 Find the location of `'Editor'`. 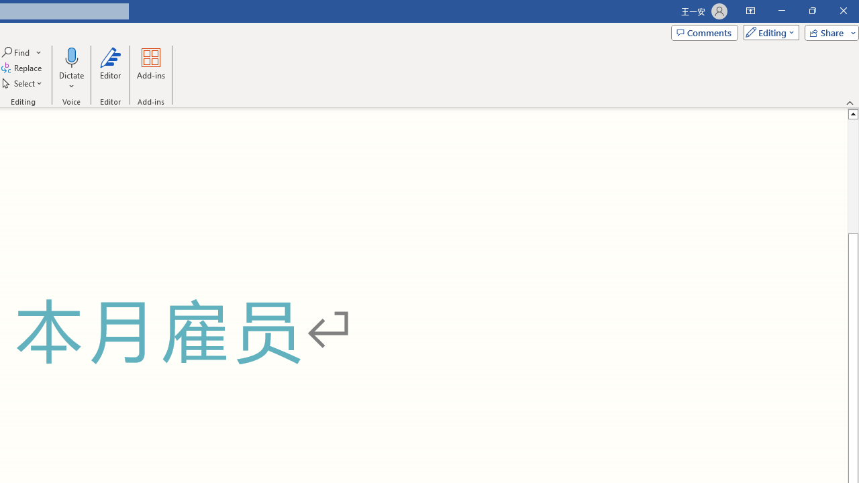

'Editor' is located at coordinates (110, 69).